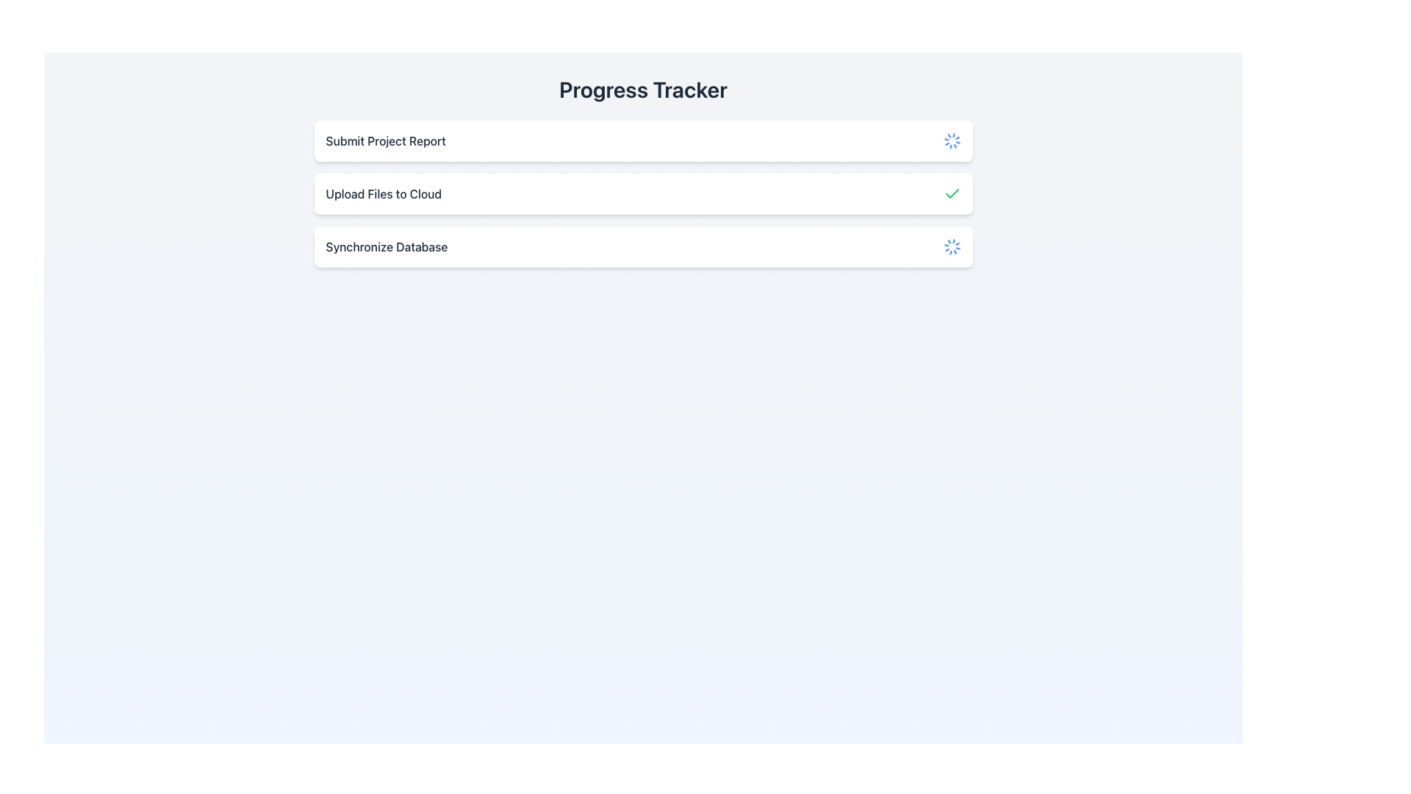 Image resolution: width=1411 pixels, height=794 pixels. I want to click on the text element displaying 'Upload Files to Cloud', which is styled in dark gray, bold, and medium font weight, and is the second item in the 'Progress Tracker' list, so click(384, 193).